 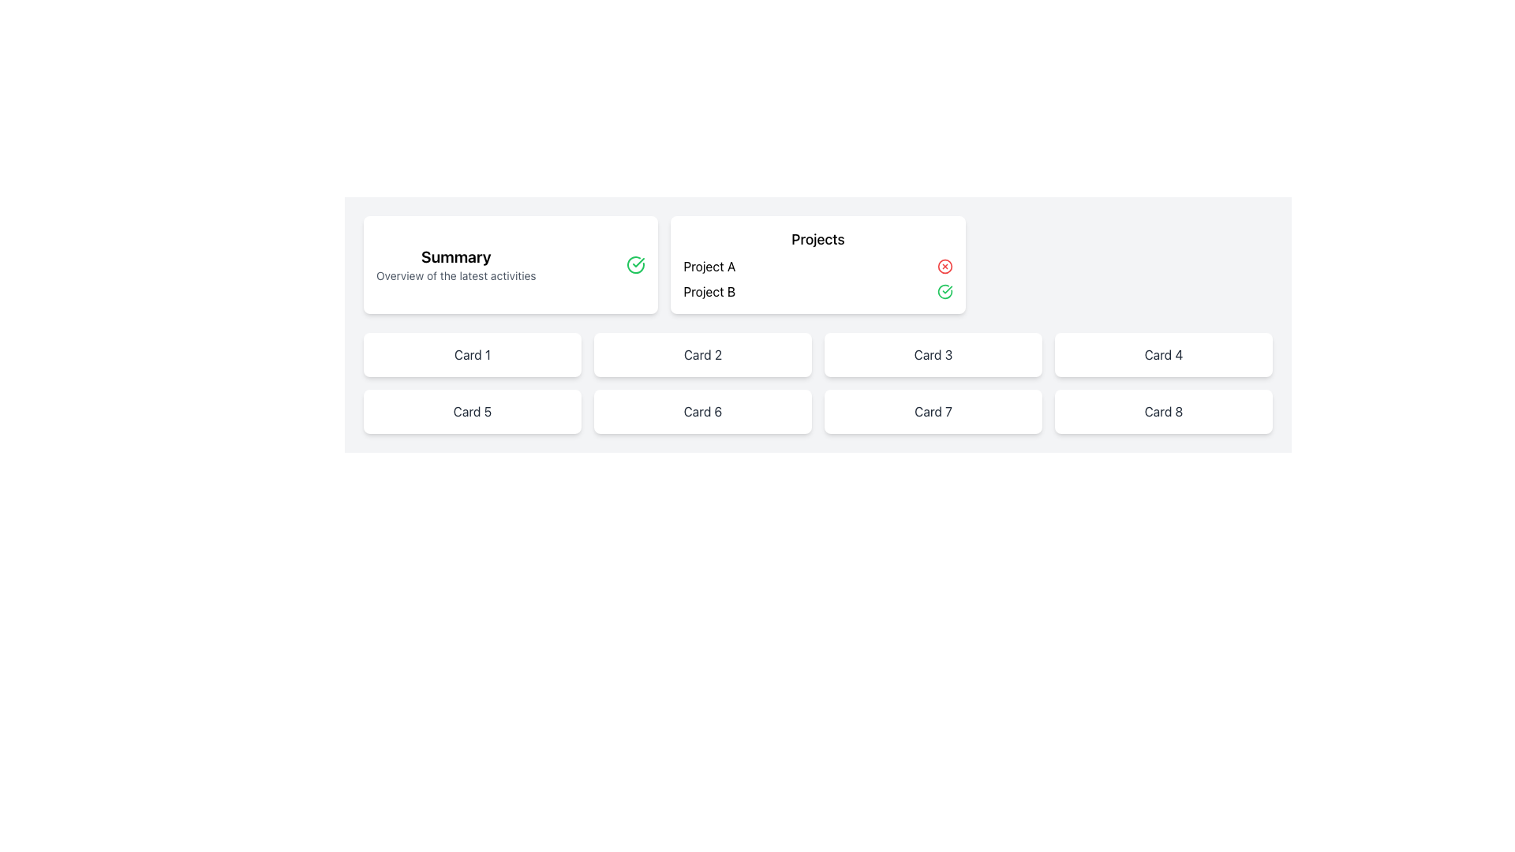 I want to click on the rectangular card labeled 'Card 3' with a white background and dark gray text, located in the top row of the grid layout between 'Card 2' and 'Card 4', so click(x=933, y=355).